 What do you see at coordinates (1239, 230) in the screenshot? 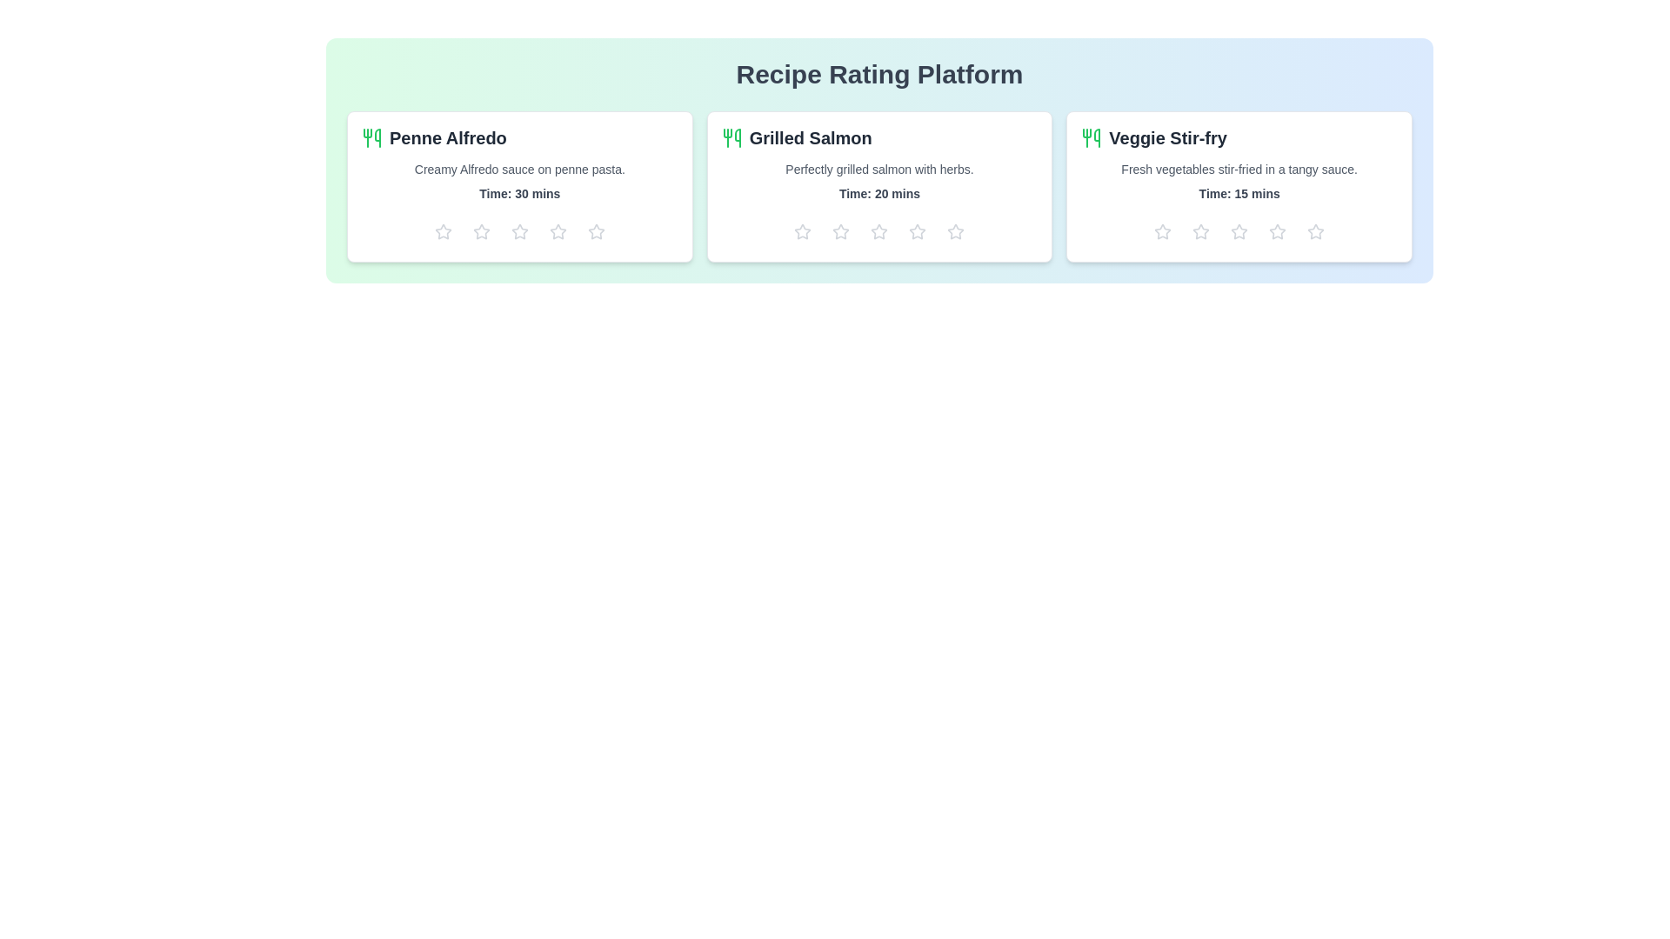
I see `the star icon to set the rating to 3 for the recipe Veggie Stir-fry` at bounding box center [1239, 230].